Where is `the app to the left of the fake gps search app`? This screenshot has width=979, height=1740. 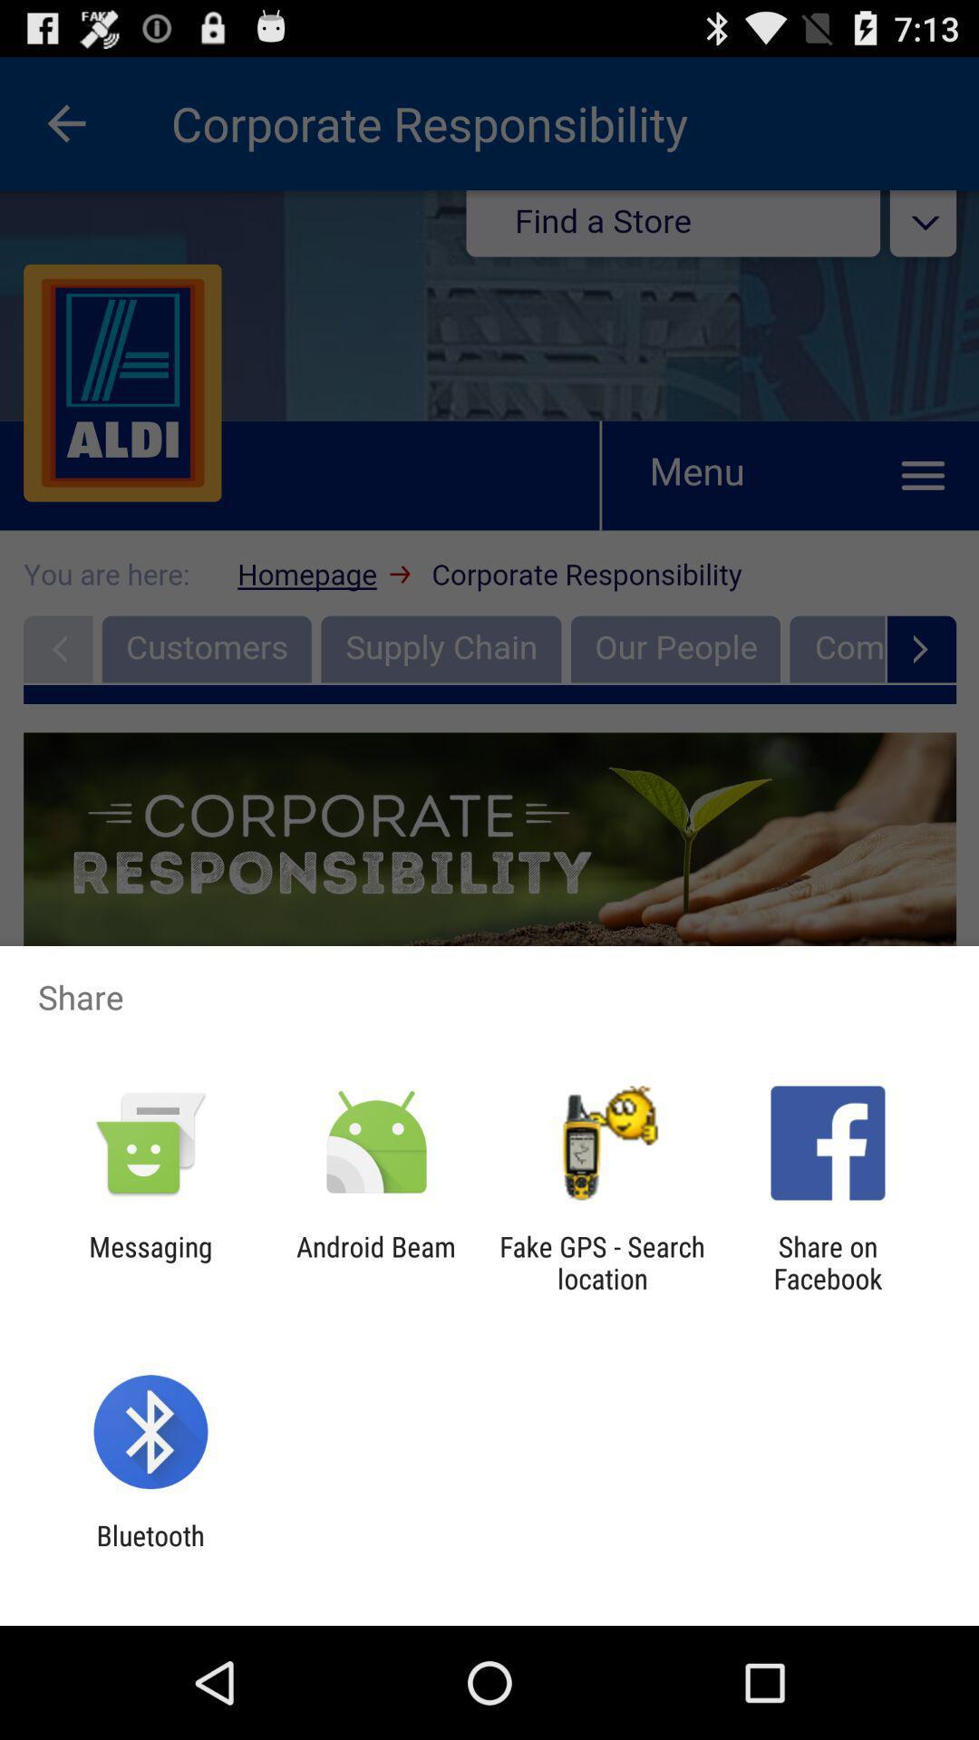 the app to the left of the fake gps search app is located at coordinates (375, 1261).